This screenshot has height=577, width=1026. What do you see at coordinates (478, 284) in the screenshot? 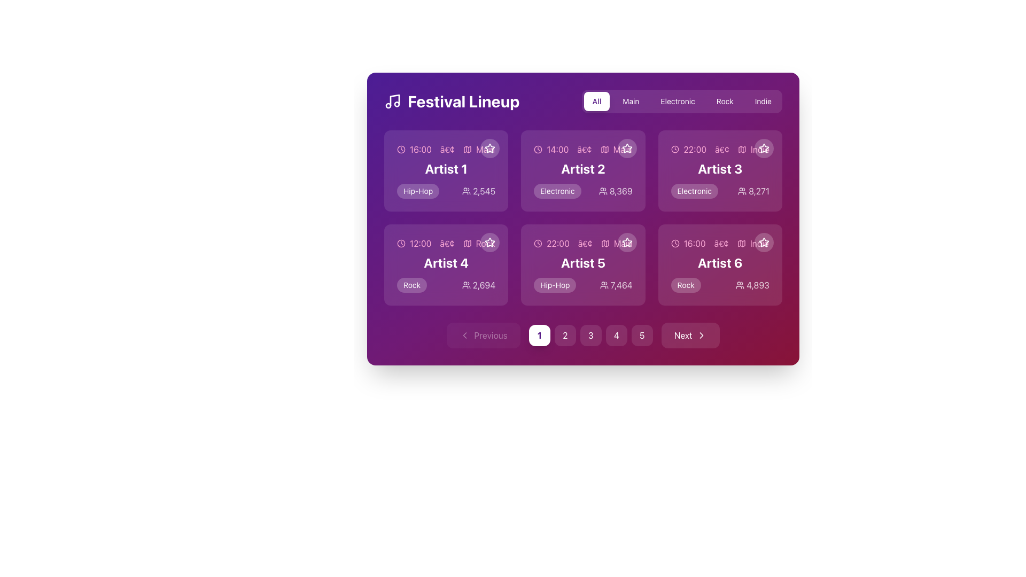
I see `displayed count of attendees associated with 'Artist 4' in the festival lineup, located within the card labeled 'Artist 4' below the label 'Rock' and beside the audience count icon` at bounding box center [478, 284].